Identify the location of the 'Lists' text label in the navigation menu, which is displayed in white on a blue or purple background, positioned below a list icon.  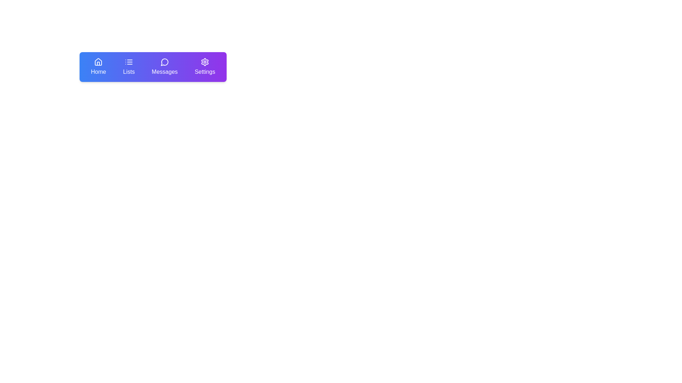
(129, 72).